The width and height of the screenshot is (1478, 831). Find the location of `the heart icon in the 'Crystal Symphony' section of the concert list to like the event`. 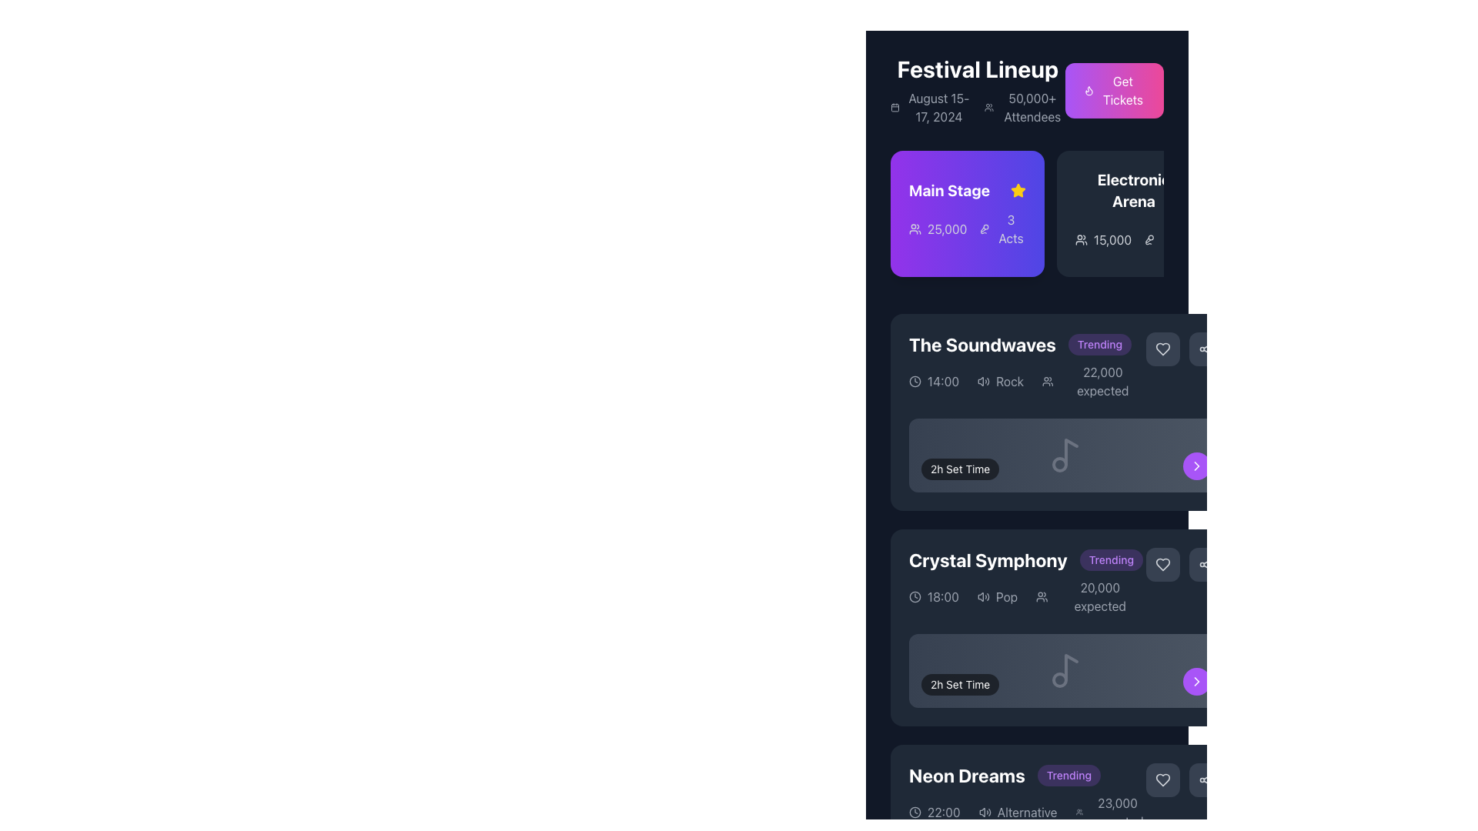

the heart icon in the 'Crystal Symphony' section of the concert list to like the event is located at coordinates (1183, 564).